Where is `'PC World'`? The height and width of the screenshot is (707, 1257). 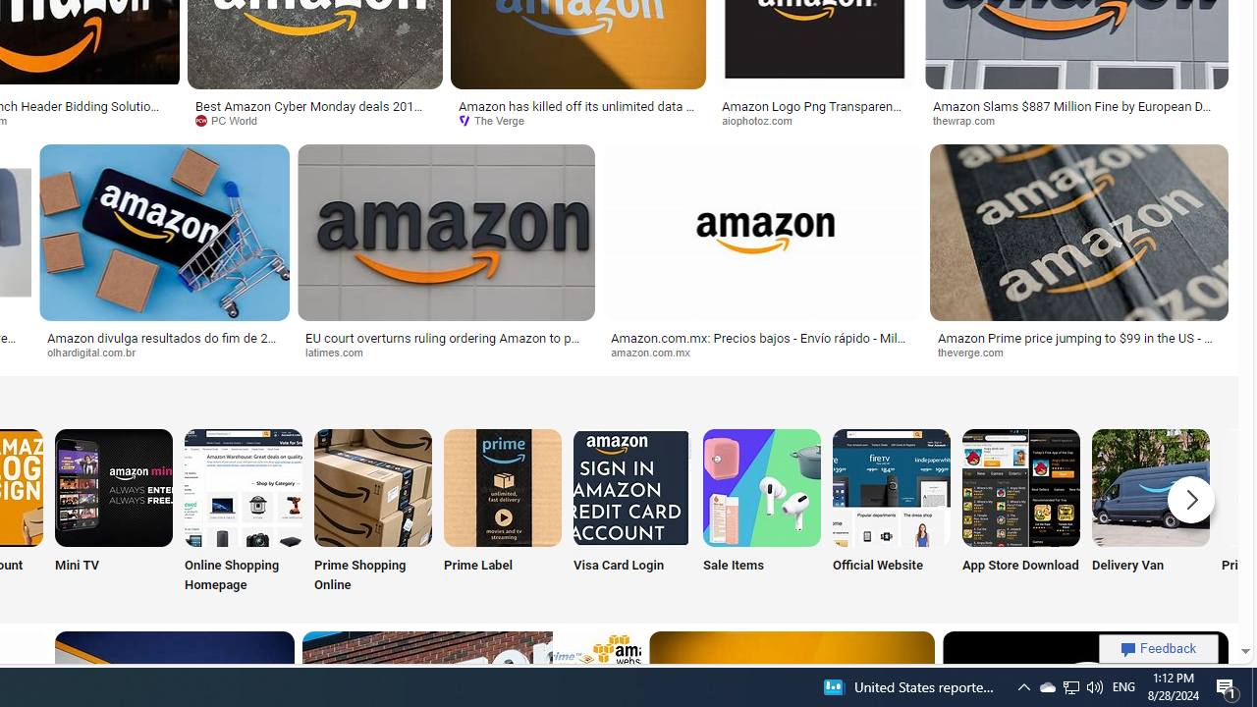
'PC World' is located at coordinates (233, 120).